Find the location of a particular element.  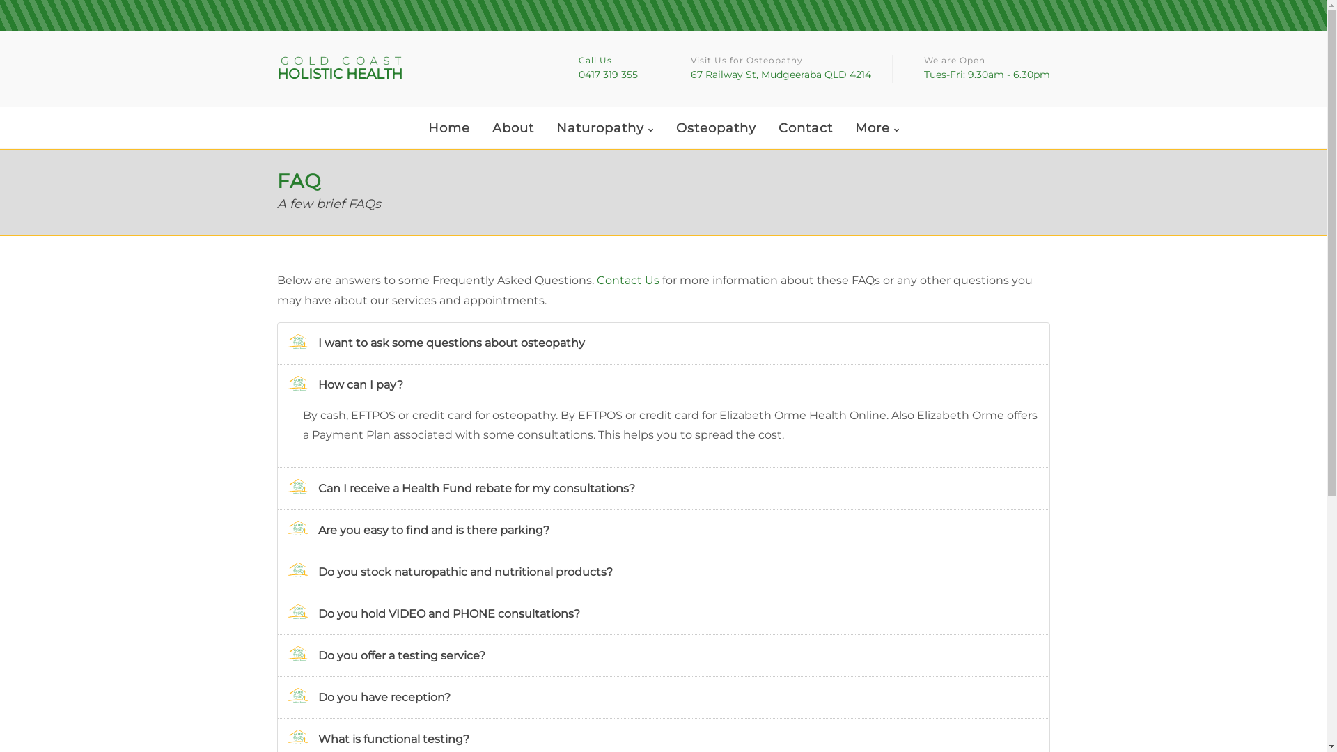

'Contact' is located at coordinates (805, 128).